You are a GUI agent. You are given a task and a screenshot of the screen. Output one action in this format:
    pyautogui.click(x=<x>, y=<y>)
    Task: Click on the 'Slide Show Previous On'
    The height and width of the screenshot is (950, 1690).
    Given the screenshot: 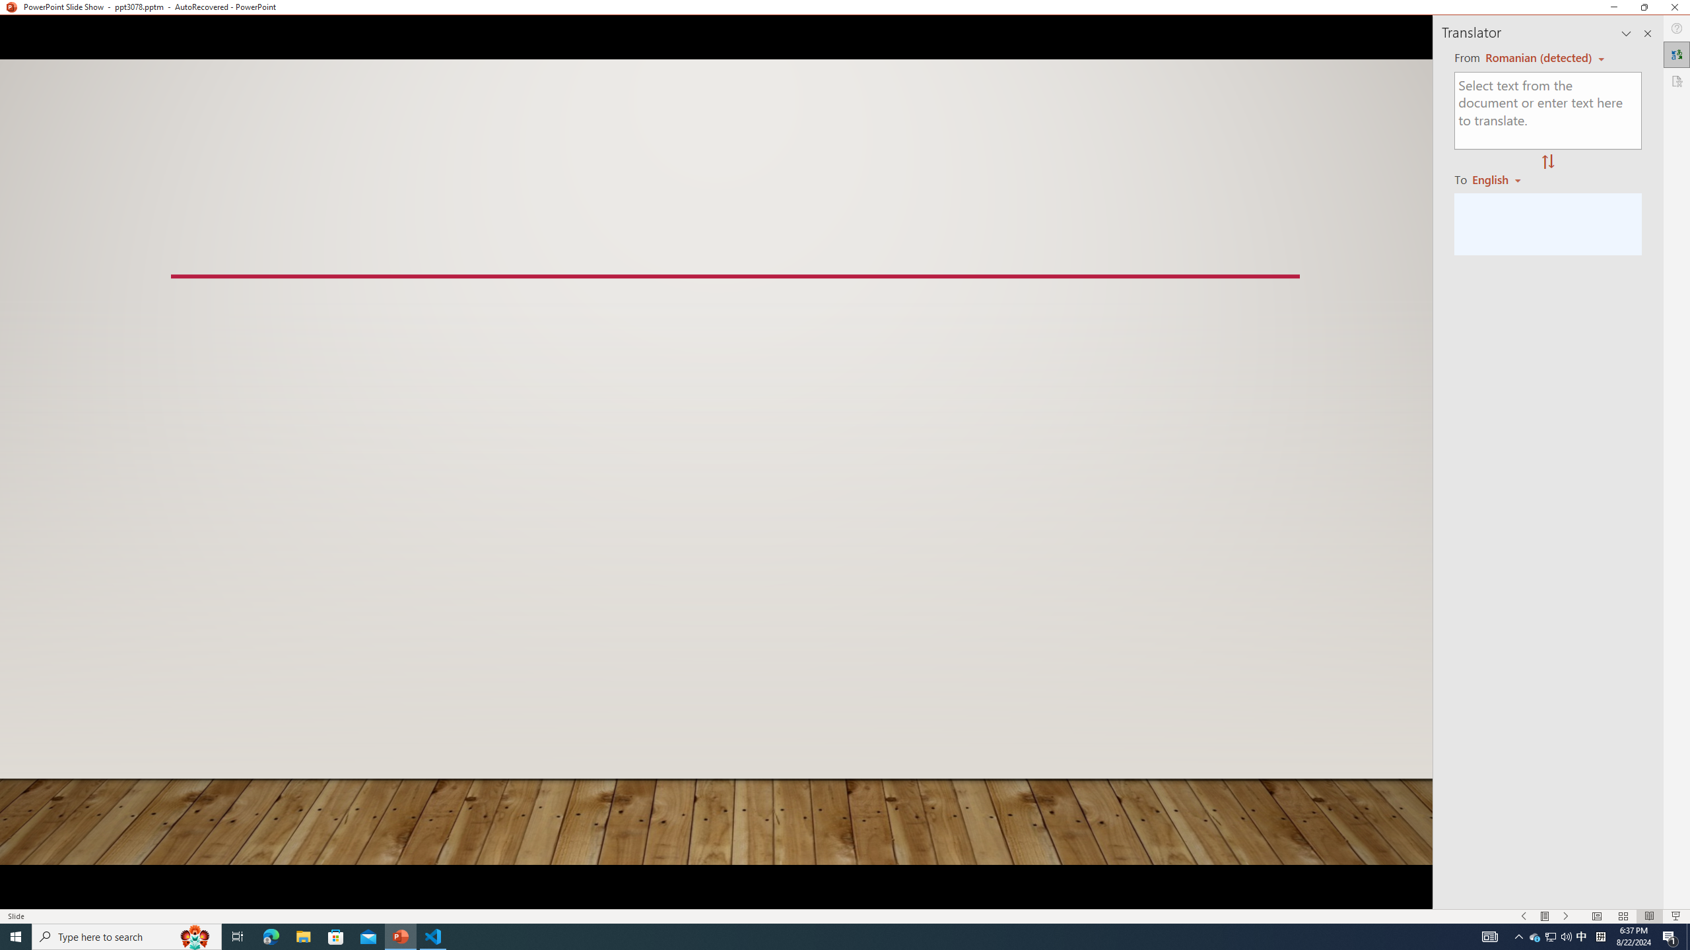 What is the action you would take?
    pyautogui.click(x=1524, y=916)
    